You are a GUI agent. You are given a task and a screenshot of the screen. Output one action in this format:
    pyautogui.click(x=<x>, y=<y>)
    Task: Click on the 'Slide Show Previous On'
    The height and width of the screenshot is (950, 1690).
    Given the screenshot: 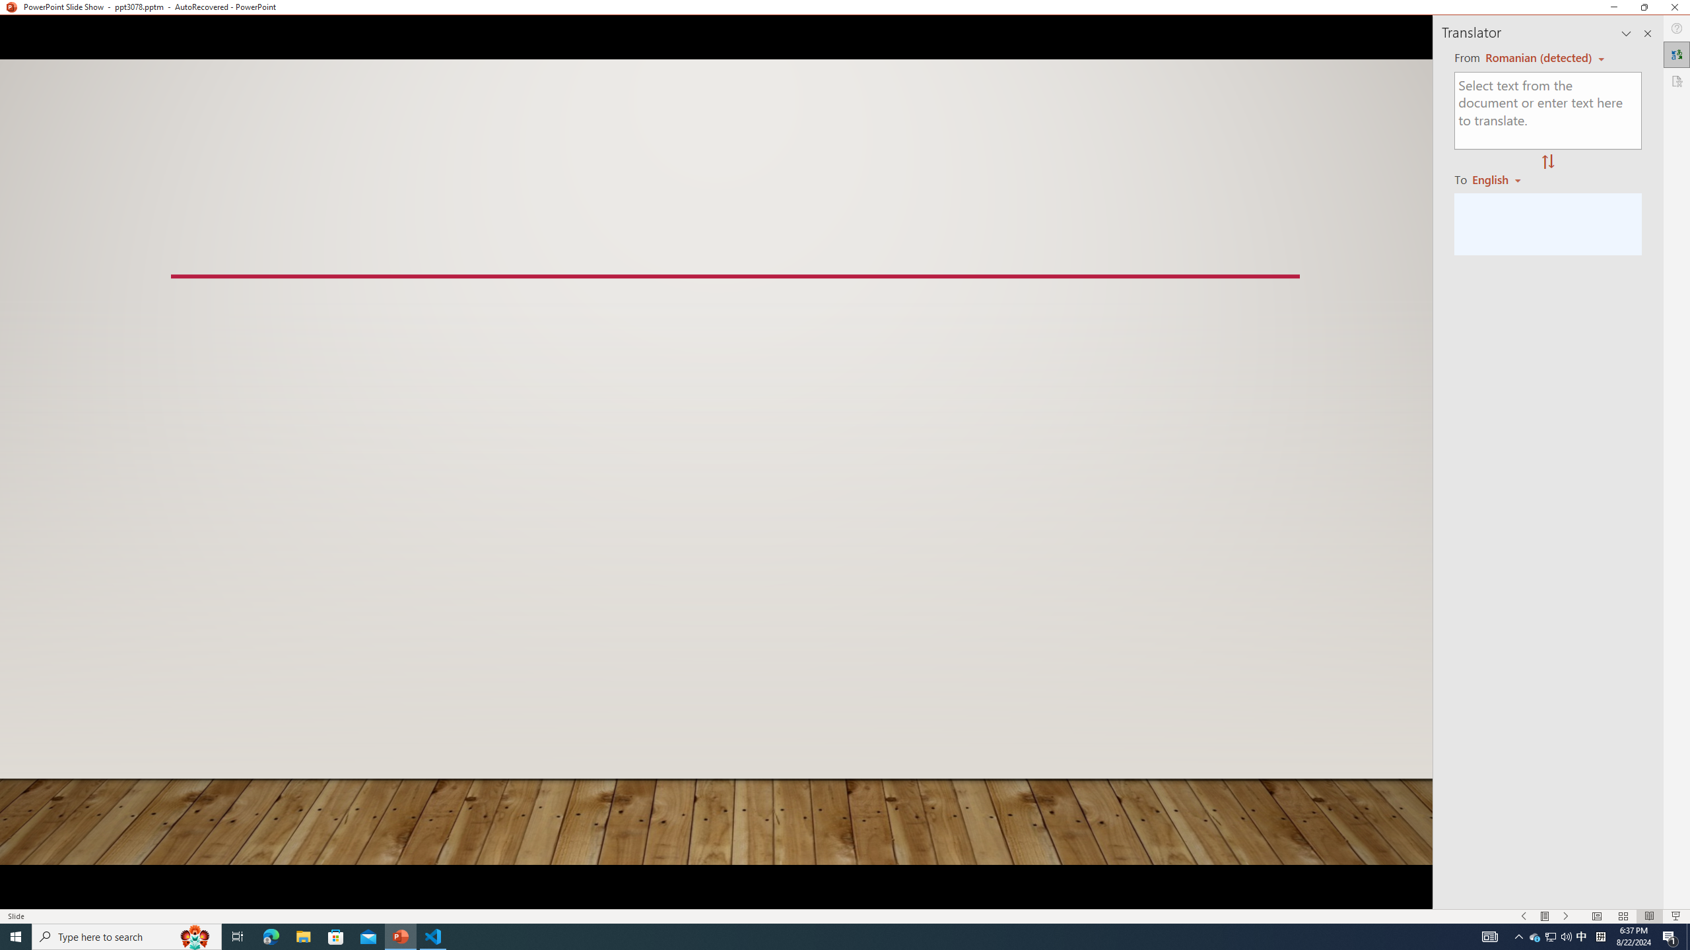 What is the action you would take?
    pyautogui.click(x=1524, y=916)
    